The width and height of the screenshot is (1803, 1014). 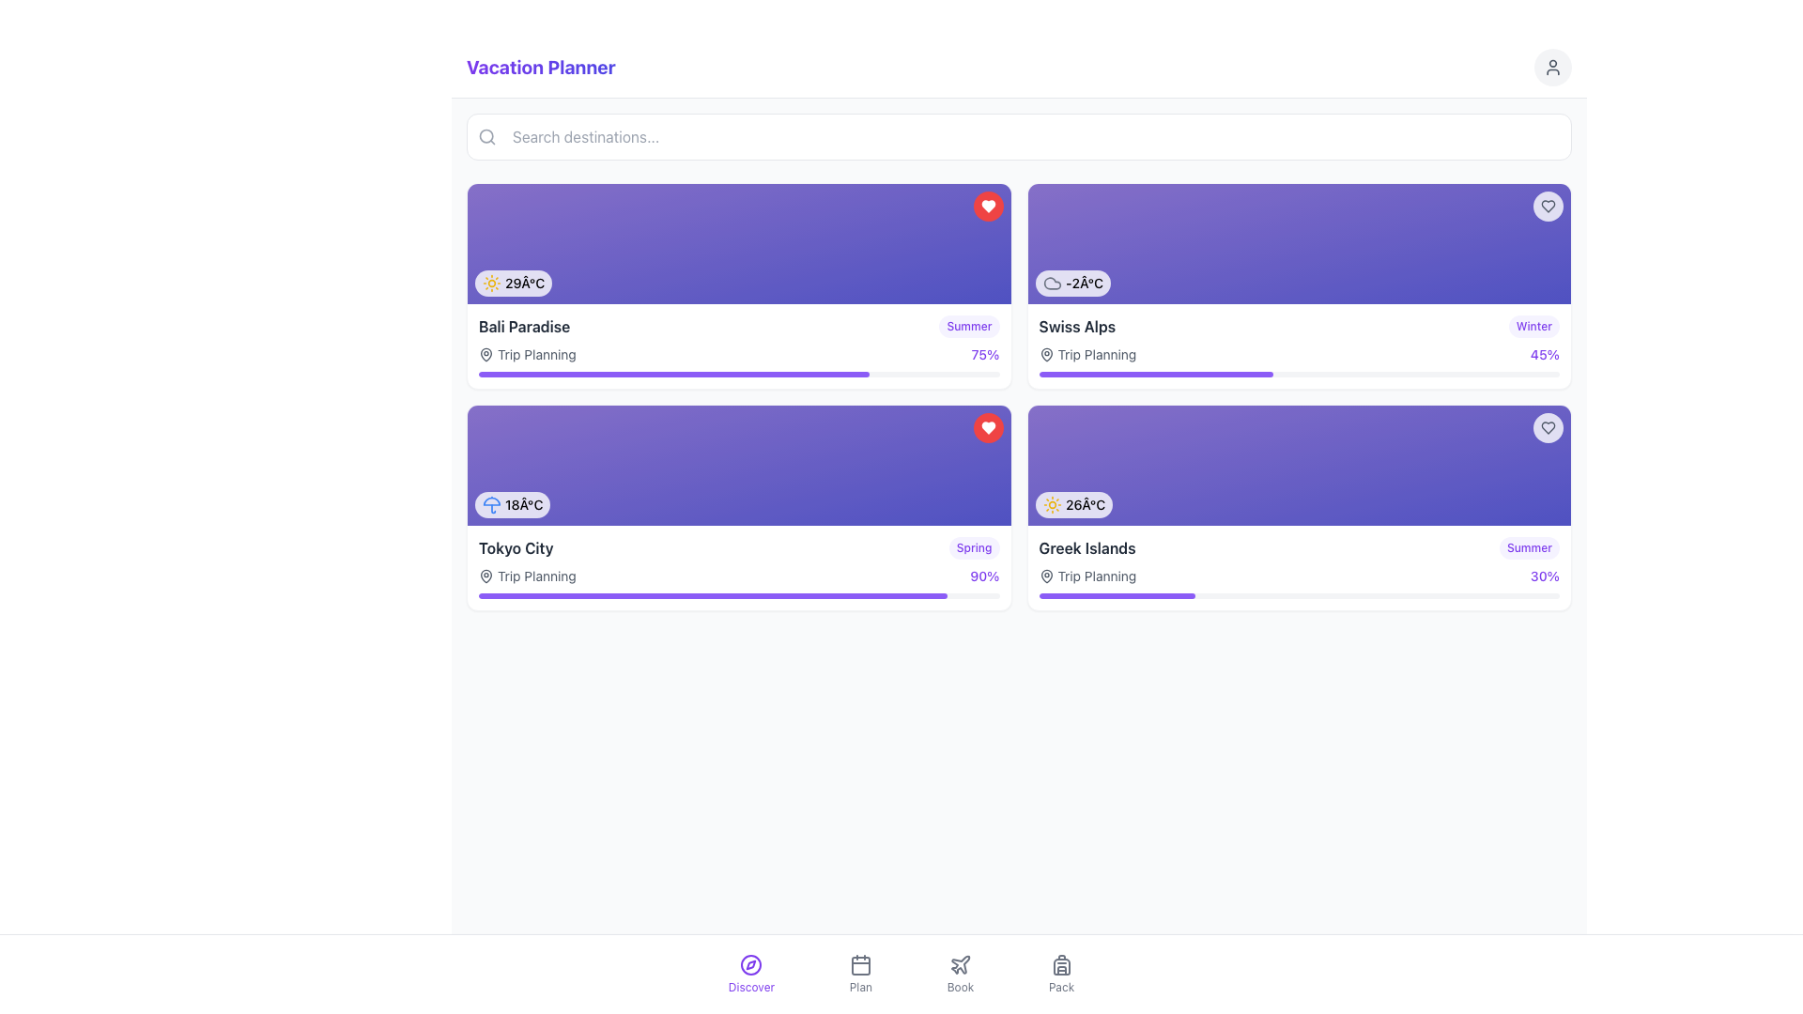 I want to click on the heart-shaped icon button in the top-right corner of the 'Swiss Alps' card, so click(x=1549, y=206).